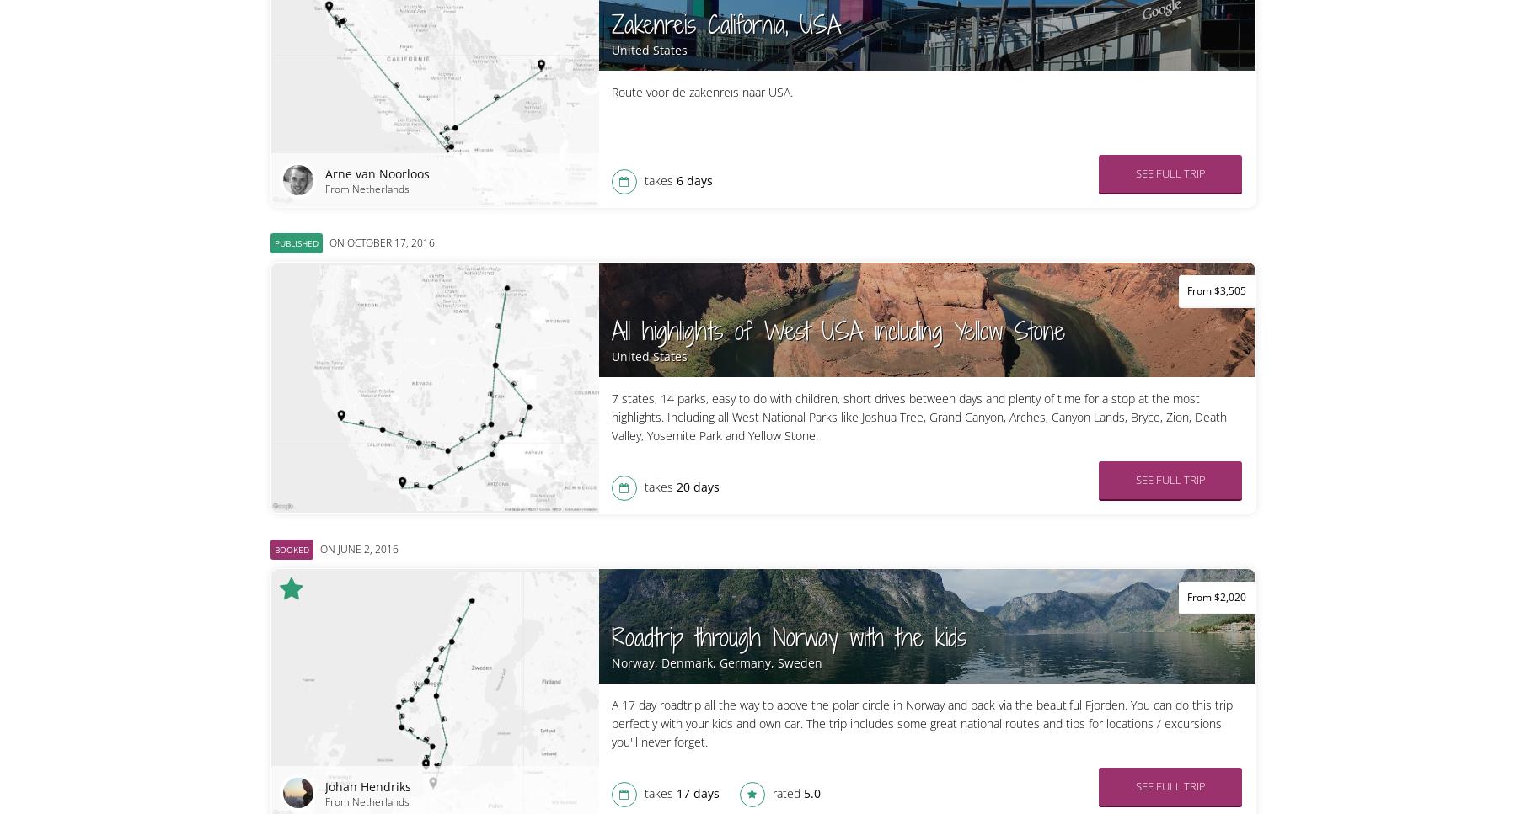 The height and width of the screenshot is (814, 1526). Describe the element at coordinates (273, 242) in the screenshot. I see `'Published'` at that location.